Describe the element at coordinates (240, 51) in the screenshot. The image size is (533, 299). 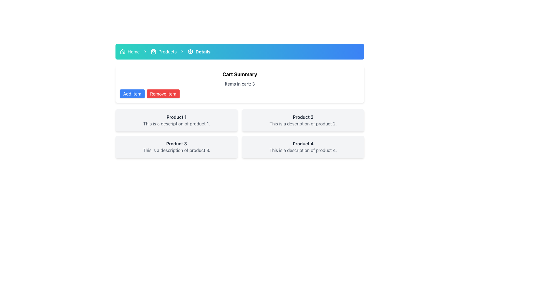
I see `the breadcrumb navigation bar with segments 'Home', 'Products', and 'Details' to trigger any hover effects` at that location.